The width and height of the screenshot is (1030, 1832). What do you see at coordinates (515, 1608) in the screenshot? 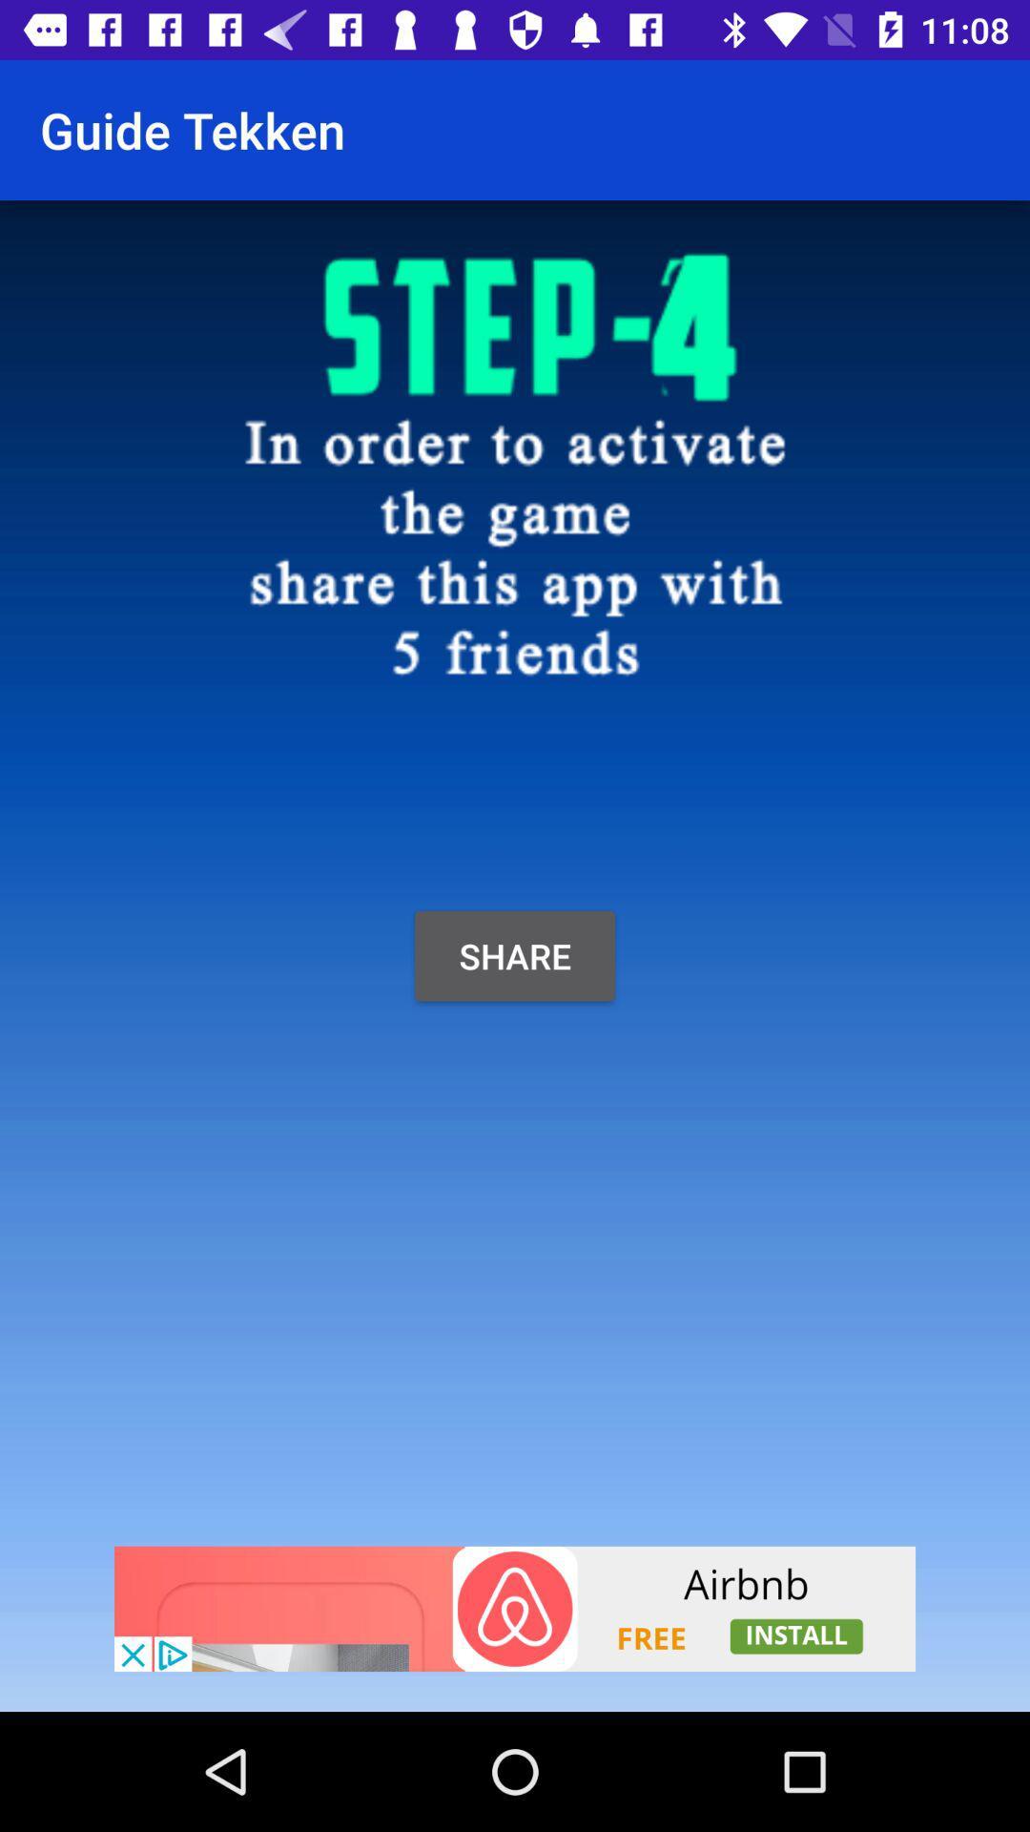
I see `click advertisement` at bounding box center [515, 1608].